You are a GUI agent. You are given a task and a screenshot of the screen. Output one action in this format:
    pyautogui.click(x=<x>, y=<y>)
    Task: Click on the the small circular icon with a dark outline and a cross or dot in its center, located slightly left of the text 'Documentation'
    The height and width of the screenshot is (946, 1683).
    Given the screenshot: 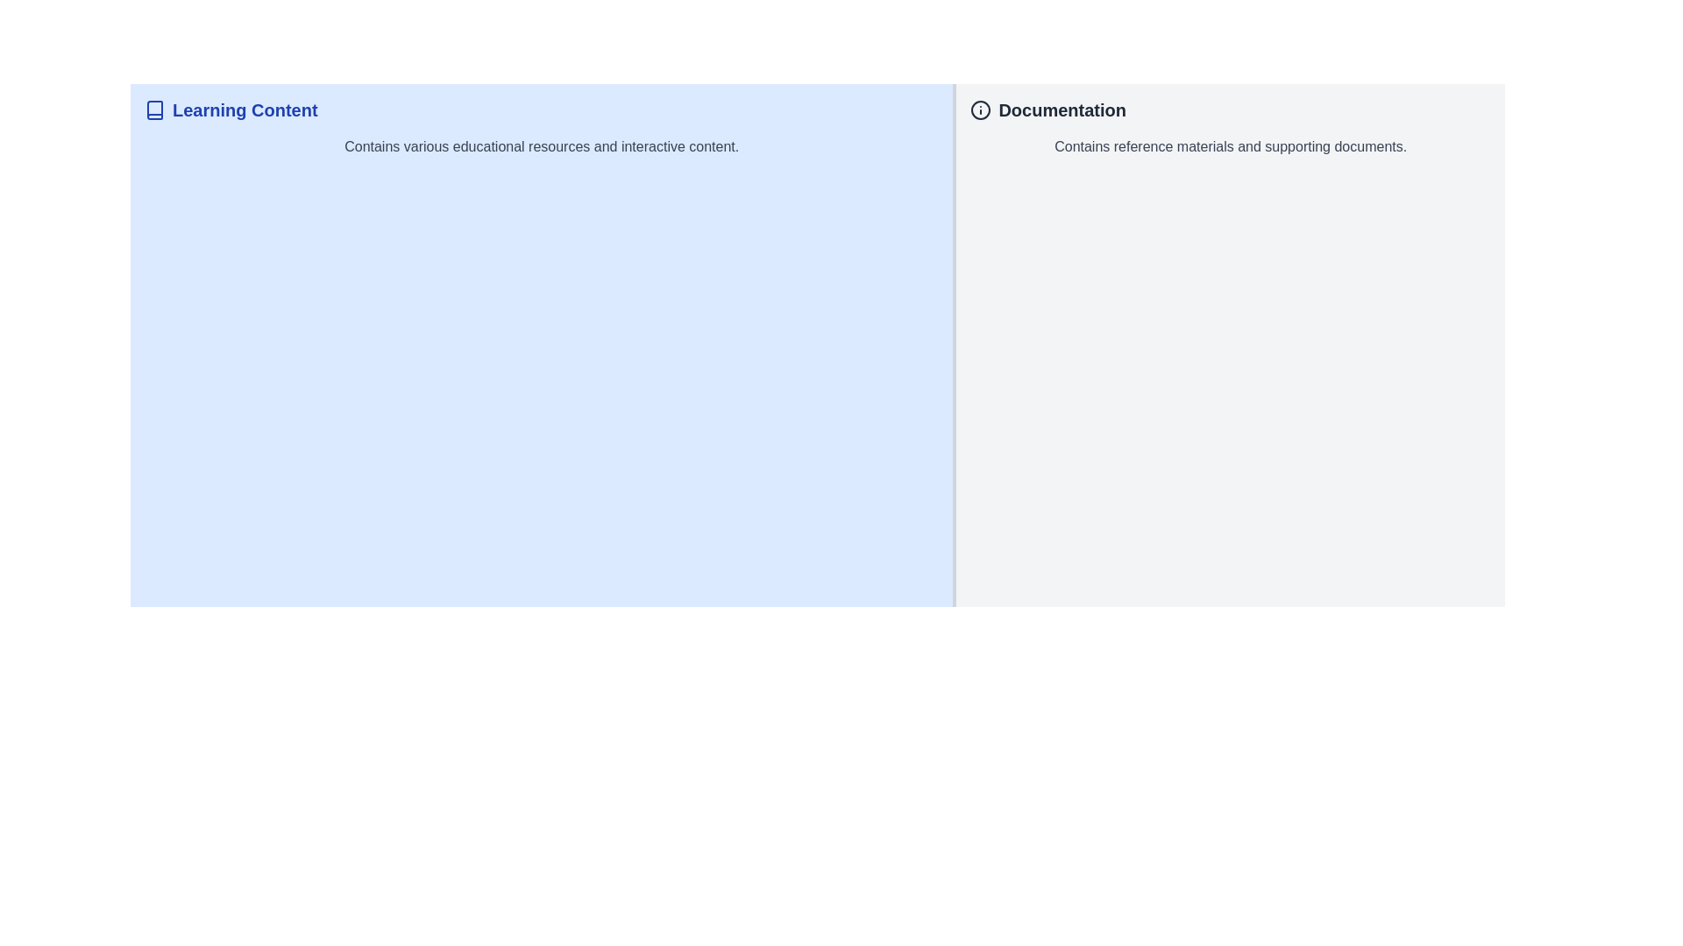 What is the action you would take?
    pyautogui.click(x=980, y=110)
    